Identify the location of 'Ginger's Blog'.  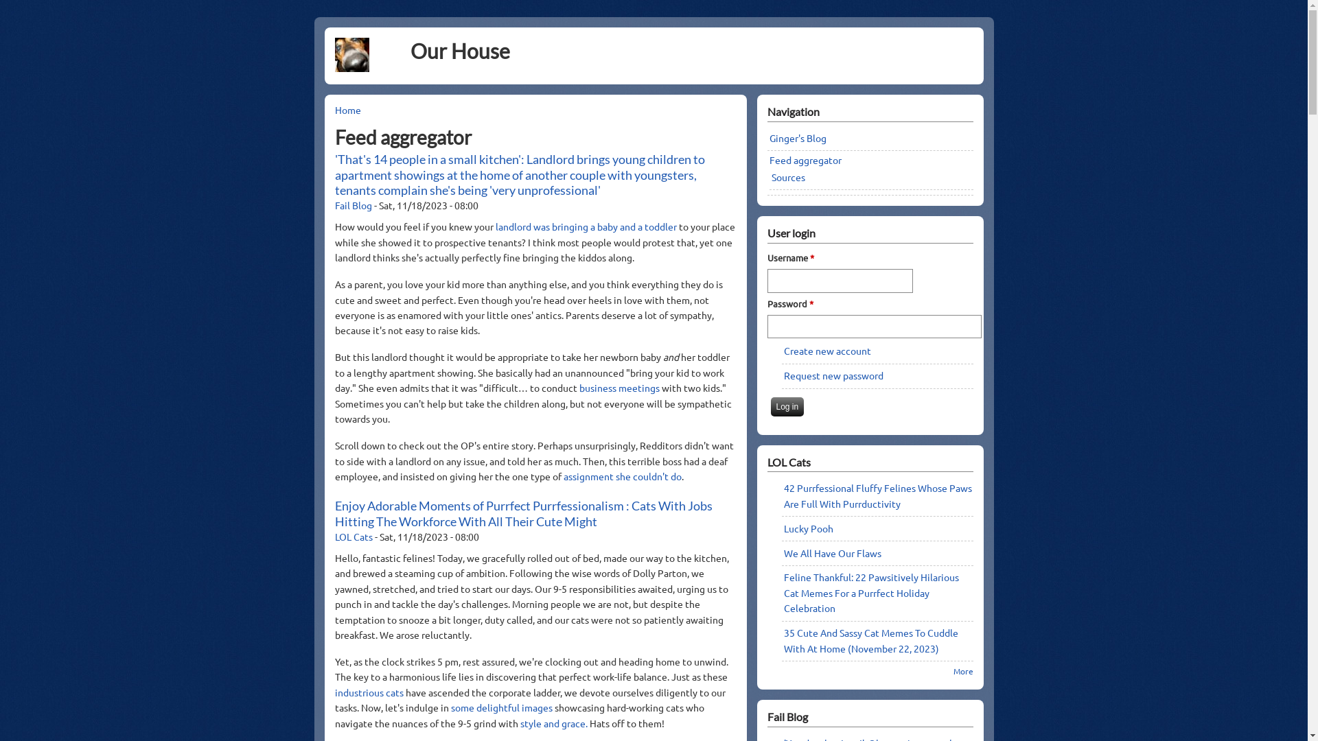
(797, 137).